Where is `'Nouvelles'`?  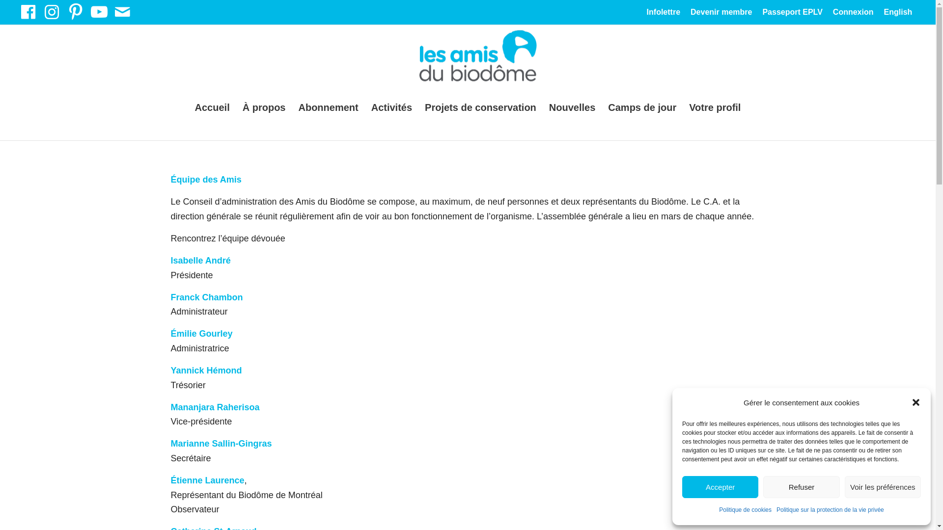 'Nouvelles' is located at coordinates (572, 107).